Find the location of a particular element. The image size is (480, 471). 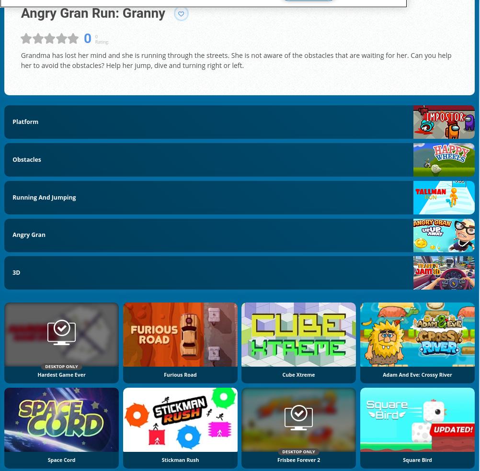

'Rating:' is located at coordinates (94, 41).